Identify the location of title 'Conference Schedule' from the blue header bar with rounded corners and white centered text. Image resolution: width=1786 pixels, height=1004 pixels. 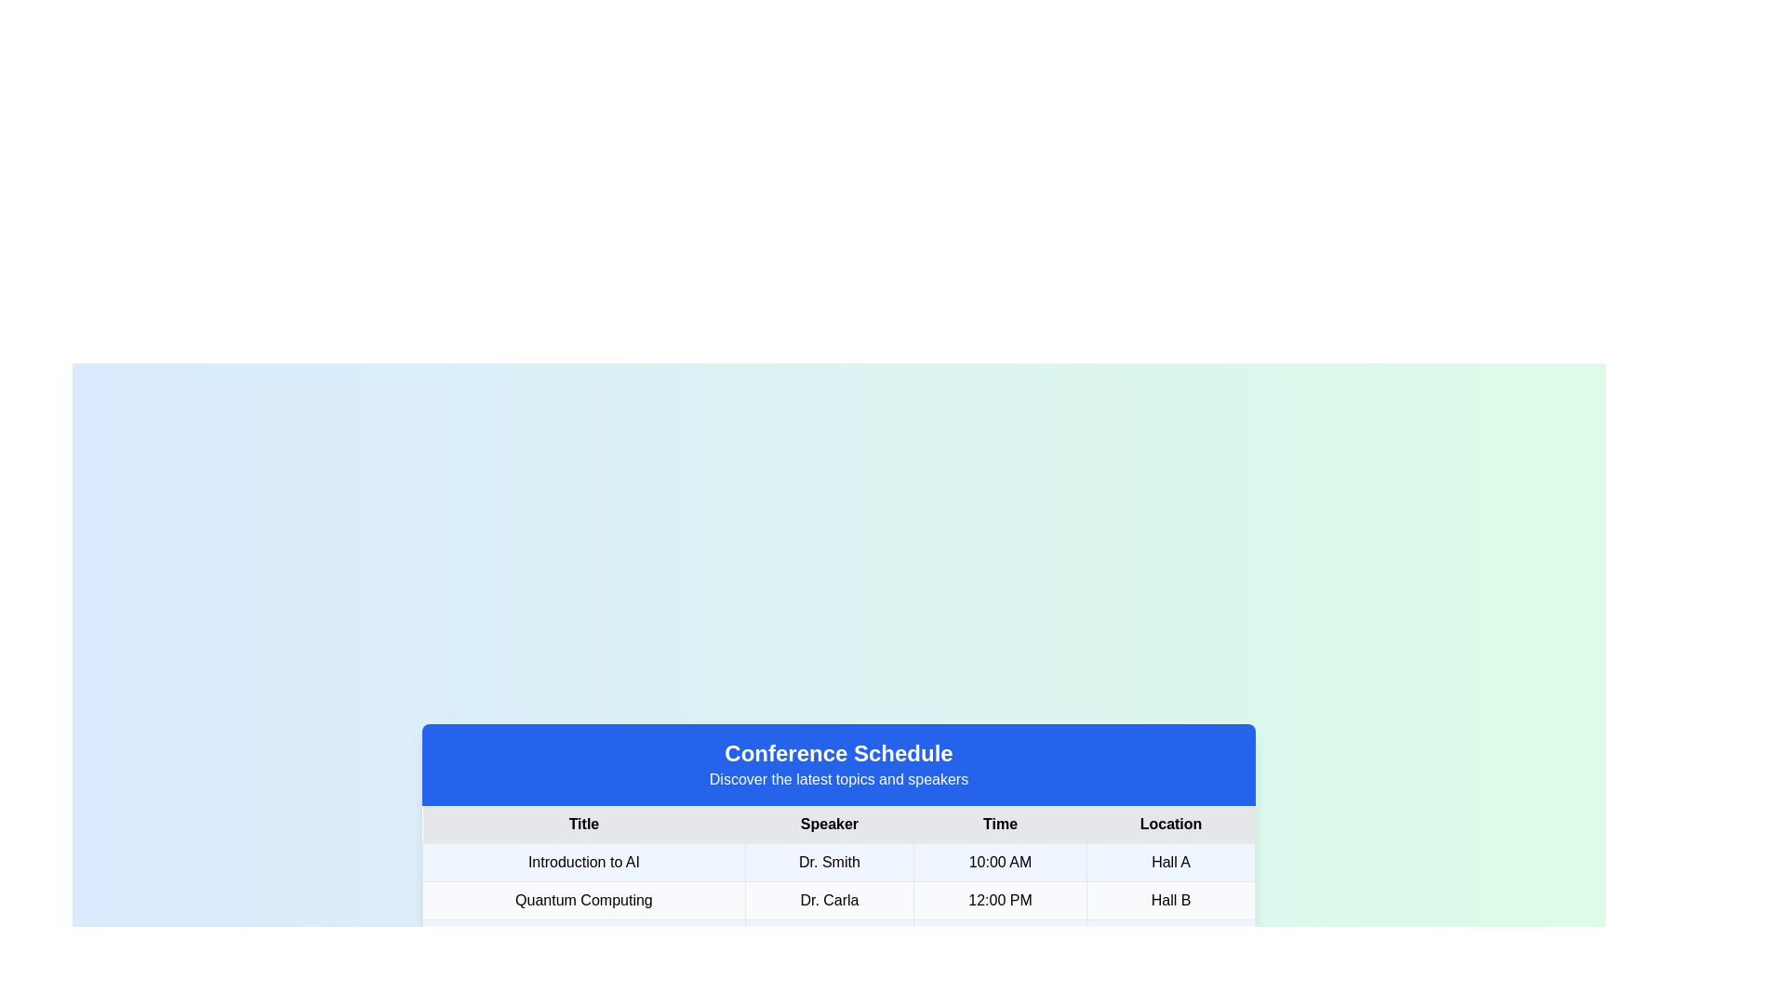
(838, 764).